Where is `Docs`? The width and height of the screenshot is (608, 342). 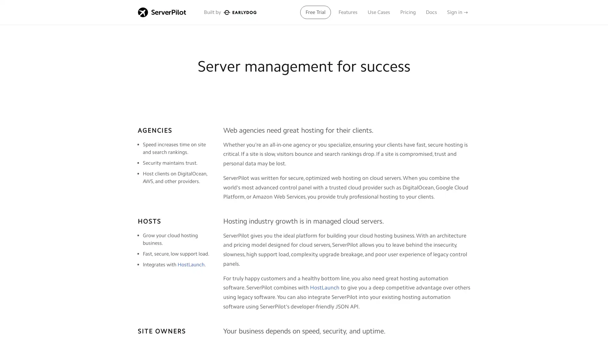 Docs is located at coordinates (431, 12).